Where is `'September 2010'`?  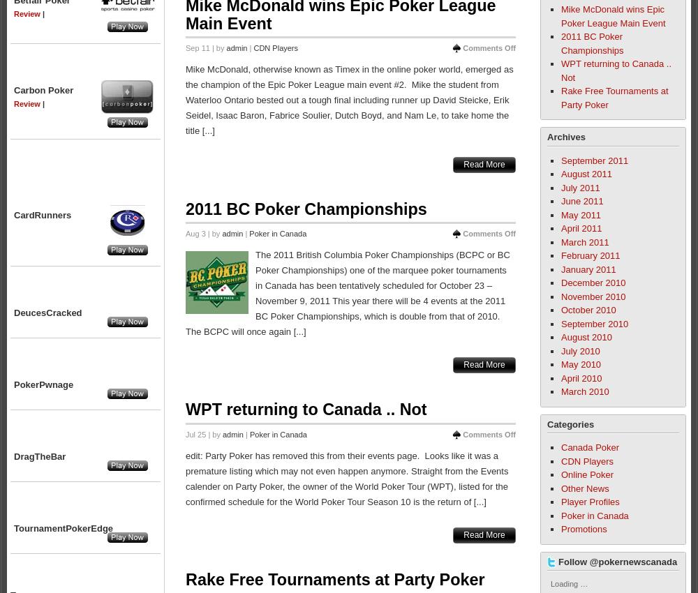 'September 2010' is located at coordinates (594, 322).